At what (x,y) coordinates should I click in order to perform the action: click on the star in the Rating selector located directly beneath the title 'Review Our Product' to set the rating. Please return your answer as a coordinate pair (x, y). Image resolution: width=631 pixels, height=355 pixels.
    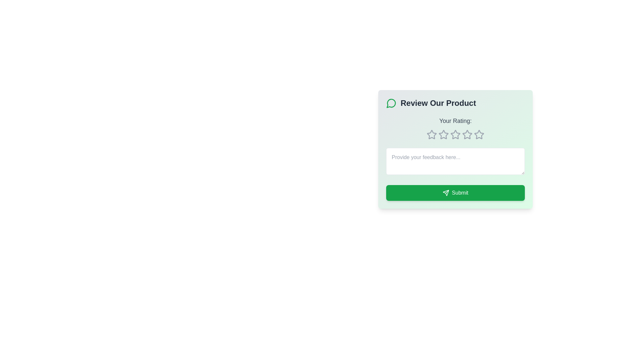
    Looking at the image, I should click on (455, 128).